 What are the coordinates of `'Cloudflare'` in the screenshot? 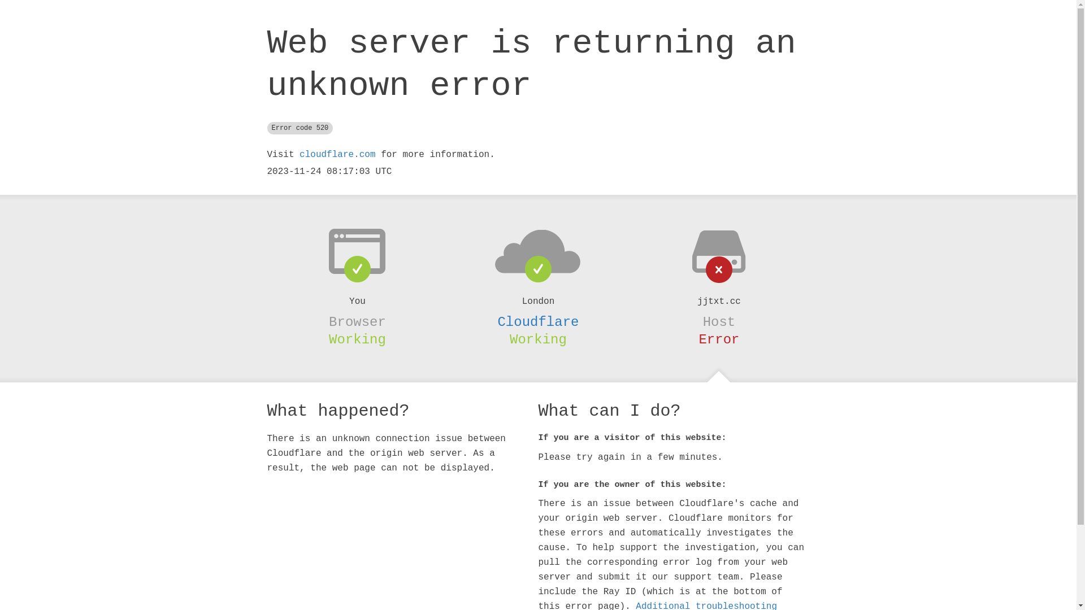 It's located at (537, 322).